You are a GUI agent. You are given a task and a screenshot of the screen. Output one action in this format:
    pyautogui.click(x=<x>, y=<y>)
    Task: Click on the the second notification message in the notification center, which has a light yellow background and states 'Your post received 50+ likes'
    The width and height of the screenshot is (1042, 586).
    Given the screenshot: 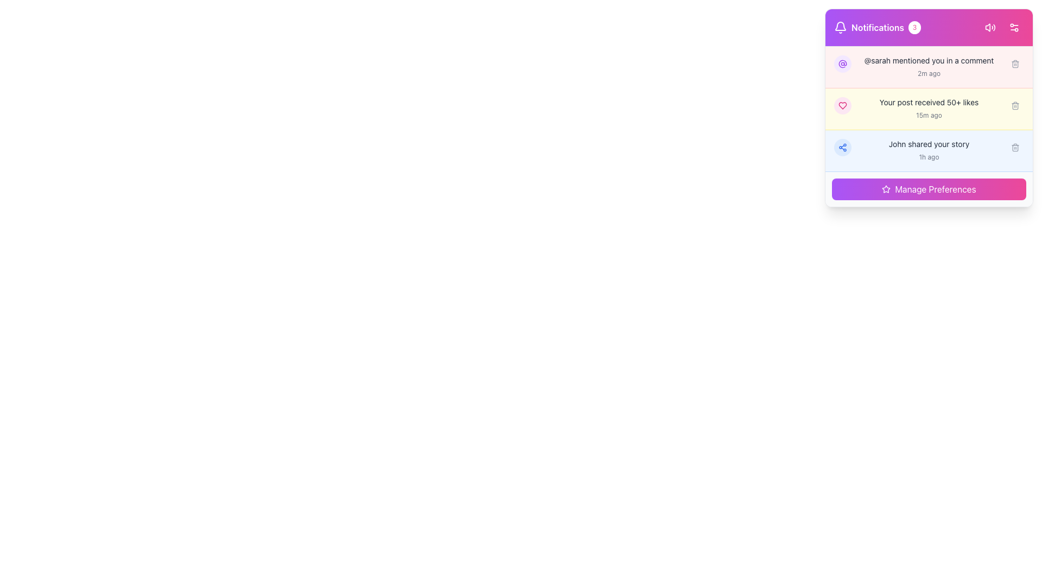 What is the action you would take?
    pyautogui.click(x=929, y=109)
    